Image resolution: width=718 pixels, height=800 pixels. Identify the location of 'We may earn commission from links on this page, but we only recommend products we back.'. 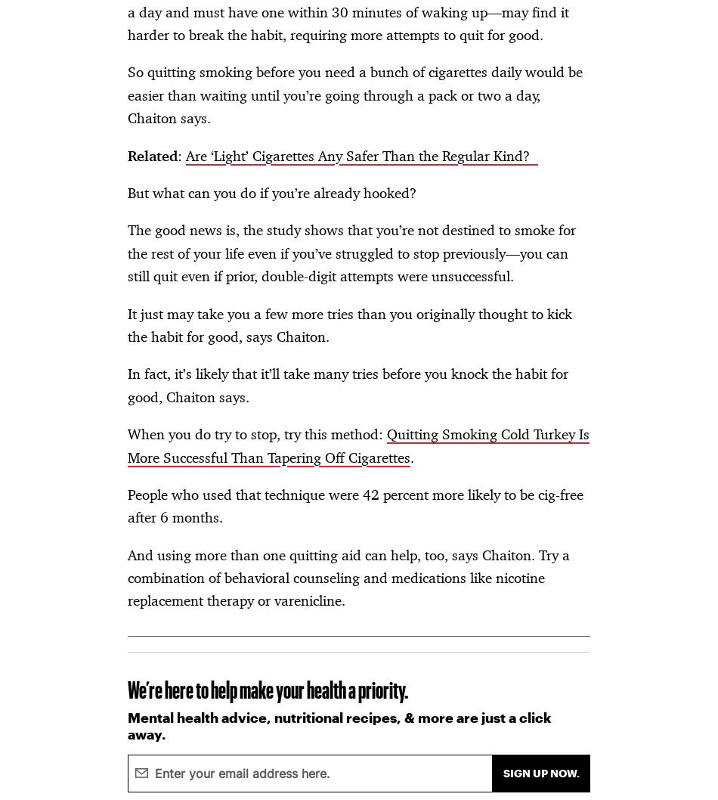
(268, 216).